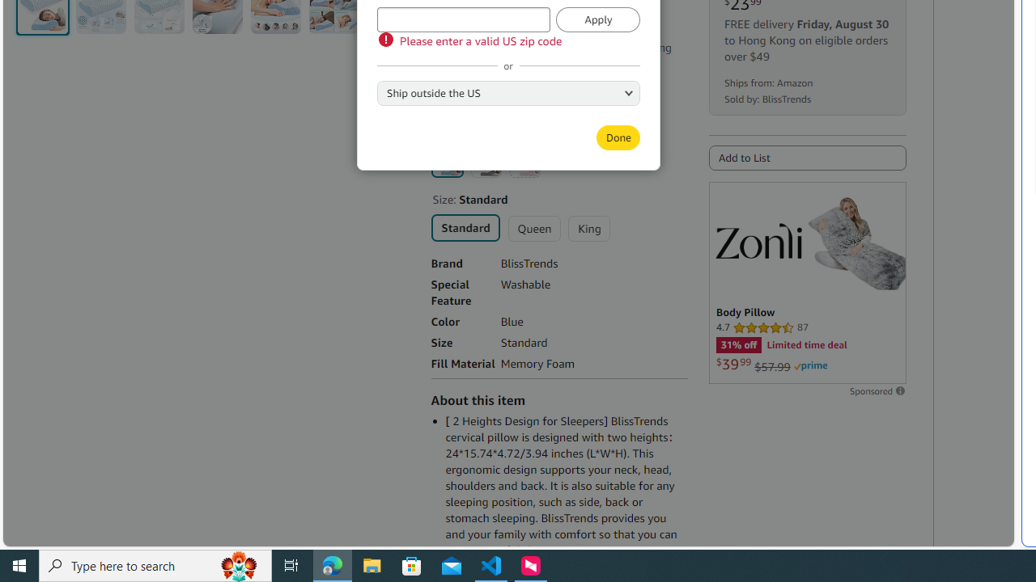 Image resolution: width=1036 pixels, height=582 pixels. Describe the element at coordinates (485, 162) in the screenshot. I see `'Grey'` at that location.